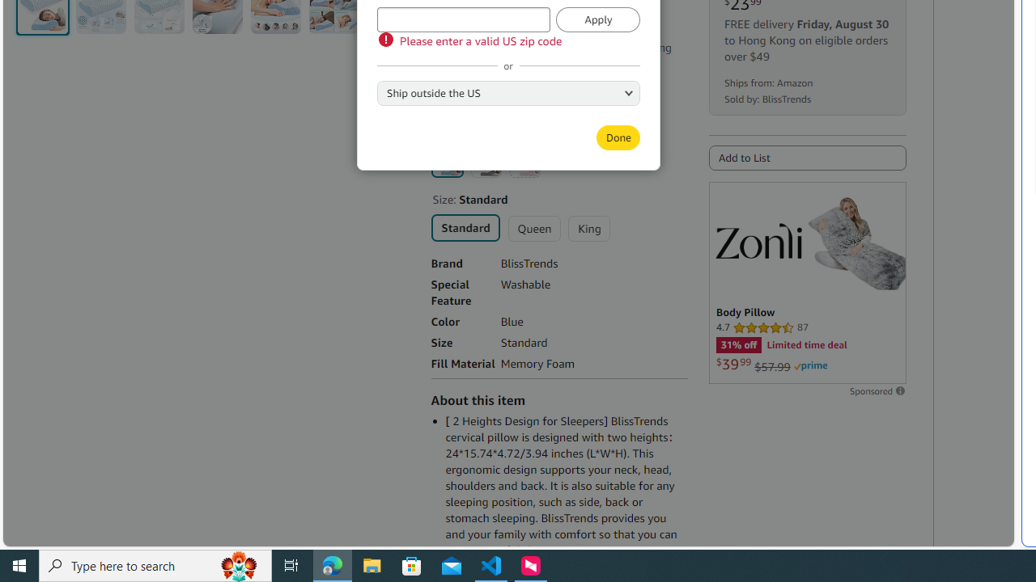 Image resolution: width=1036 pixels, height=582 pixels. Describe the element at coordinates (485, 162) in the screenshot. I see `'Grey'` at that location.